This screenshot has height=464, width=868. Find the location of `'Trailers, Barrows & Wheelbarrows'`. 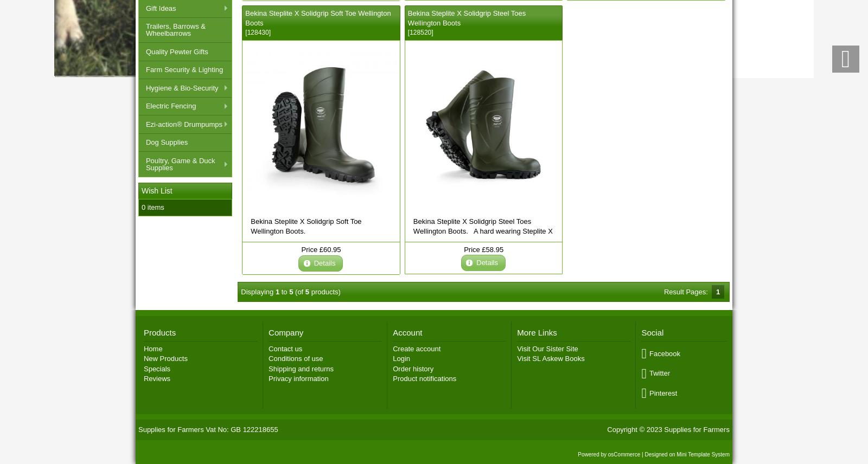

'Trailers, Barrows & Wheelbarrows' is located at coordinates (175, 29).